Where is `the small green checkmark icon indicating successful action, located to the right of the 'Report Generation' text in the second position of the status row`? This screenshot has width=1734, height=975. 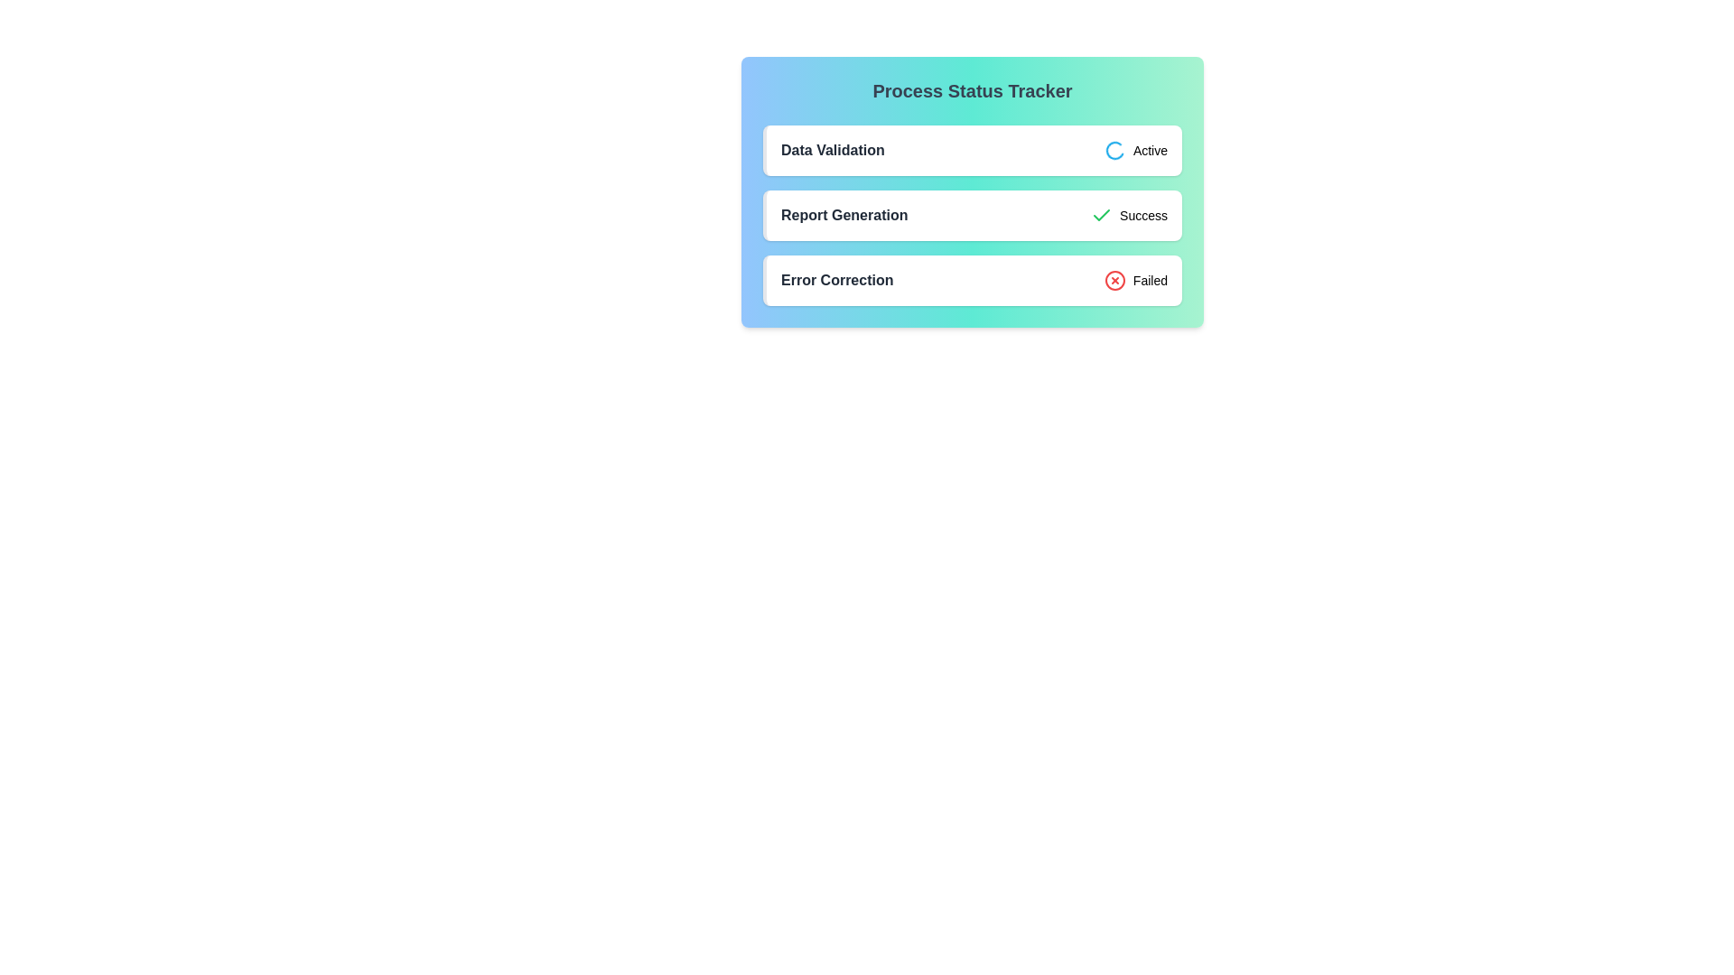 the small green checkmark icon indicating successful action, located to the right of the 'Report Generation' text in the second position of the status row is located at coordinates (1101, 214).